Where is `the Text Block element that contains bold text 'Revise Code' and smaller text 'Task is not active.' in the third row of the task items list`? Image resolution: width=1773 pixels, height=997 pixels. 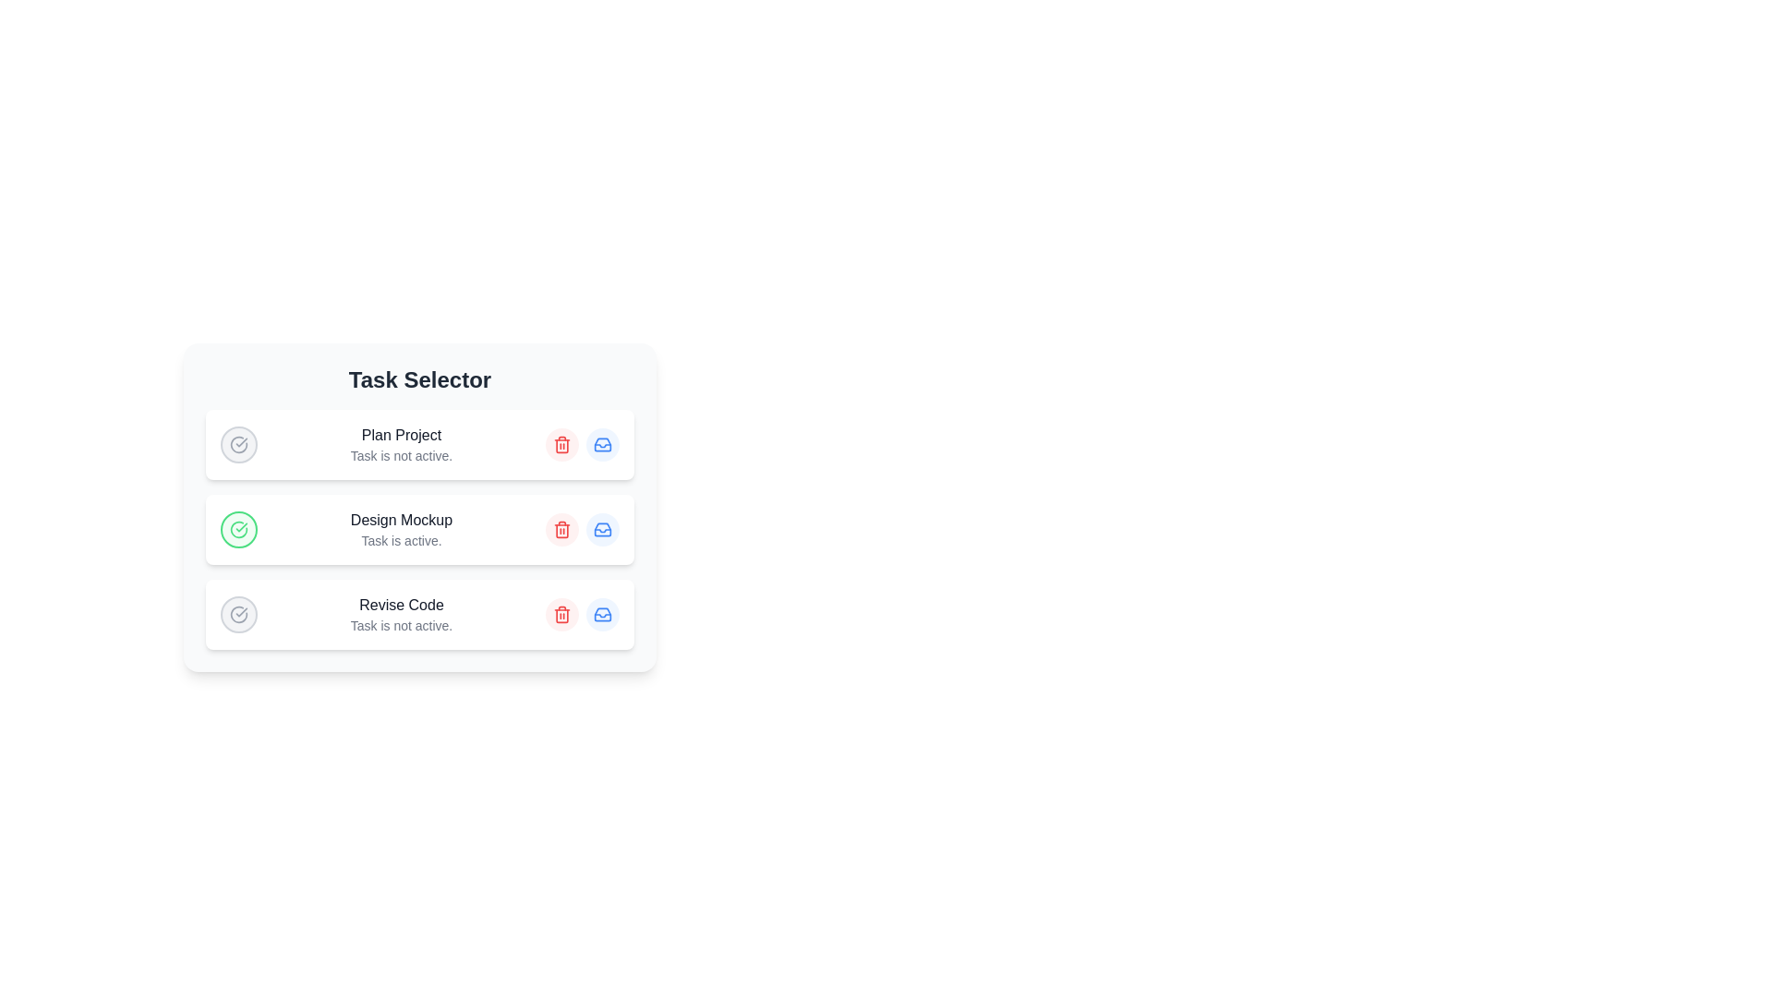
the Text Block element that contains bold text 'Revise Code' and smaller text 'Task is not active.' in the third row of the task items list is located at coordinates (401, 615).